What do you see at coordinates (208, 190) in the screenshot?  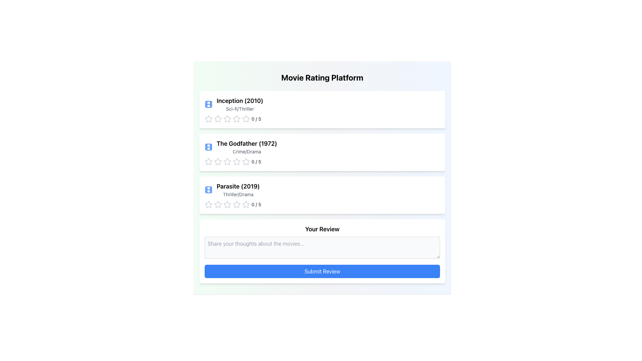 I see `the SVG graphical rectangle element located within the first movie entry box, adjacent to the text 'Inception (2010)'` at bounding box center [208, 190].